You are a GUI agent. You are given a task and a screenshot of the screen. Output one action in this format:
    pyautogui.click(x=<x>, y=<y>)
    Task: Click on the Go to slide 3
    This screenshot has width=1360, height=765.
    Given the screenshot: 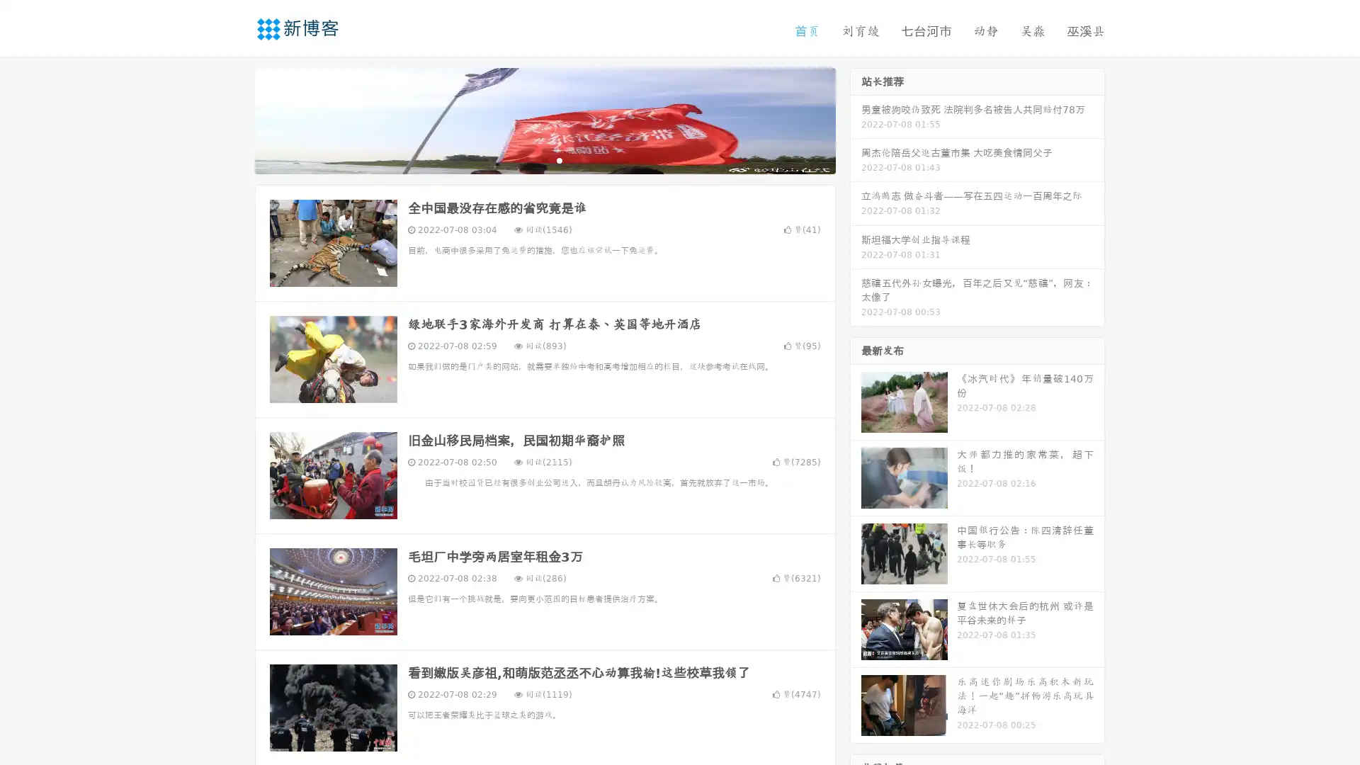 What is the action you would take?
    pyautogui.click(x=559, y=159)
    